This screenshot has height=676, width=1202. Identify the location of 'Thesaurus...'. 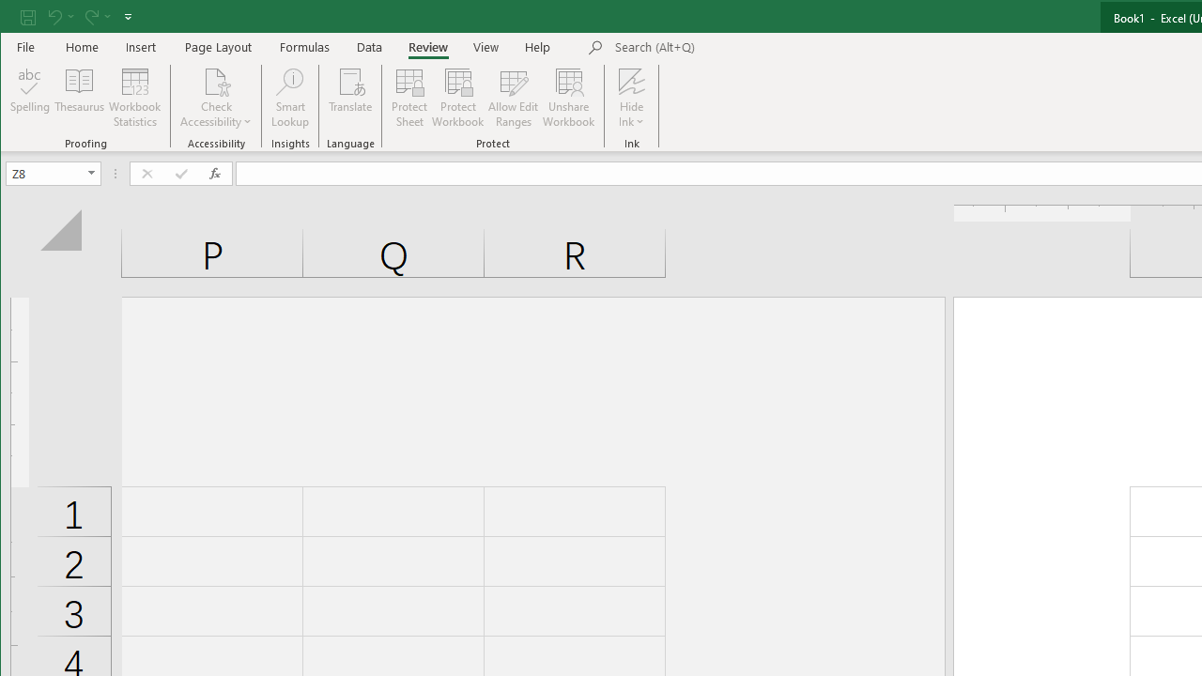
(79, 98).